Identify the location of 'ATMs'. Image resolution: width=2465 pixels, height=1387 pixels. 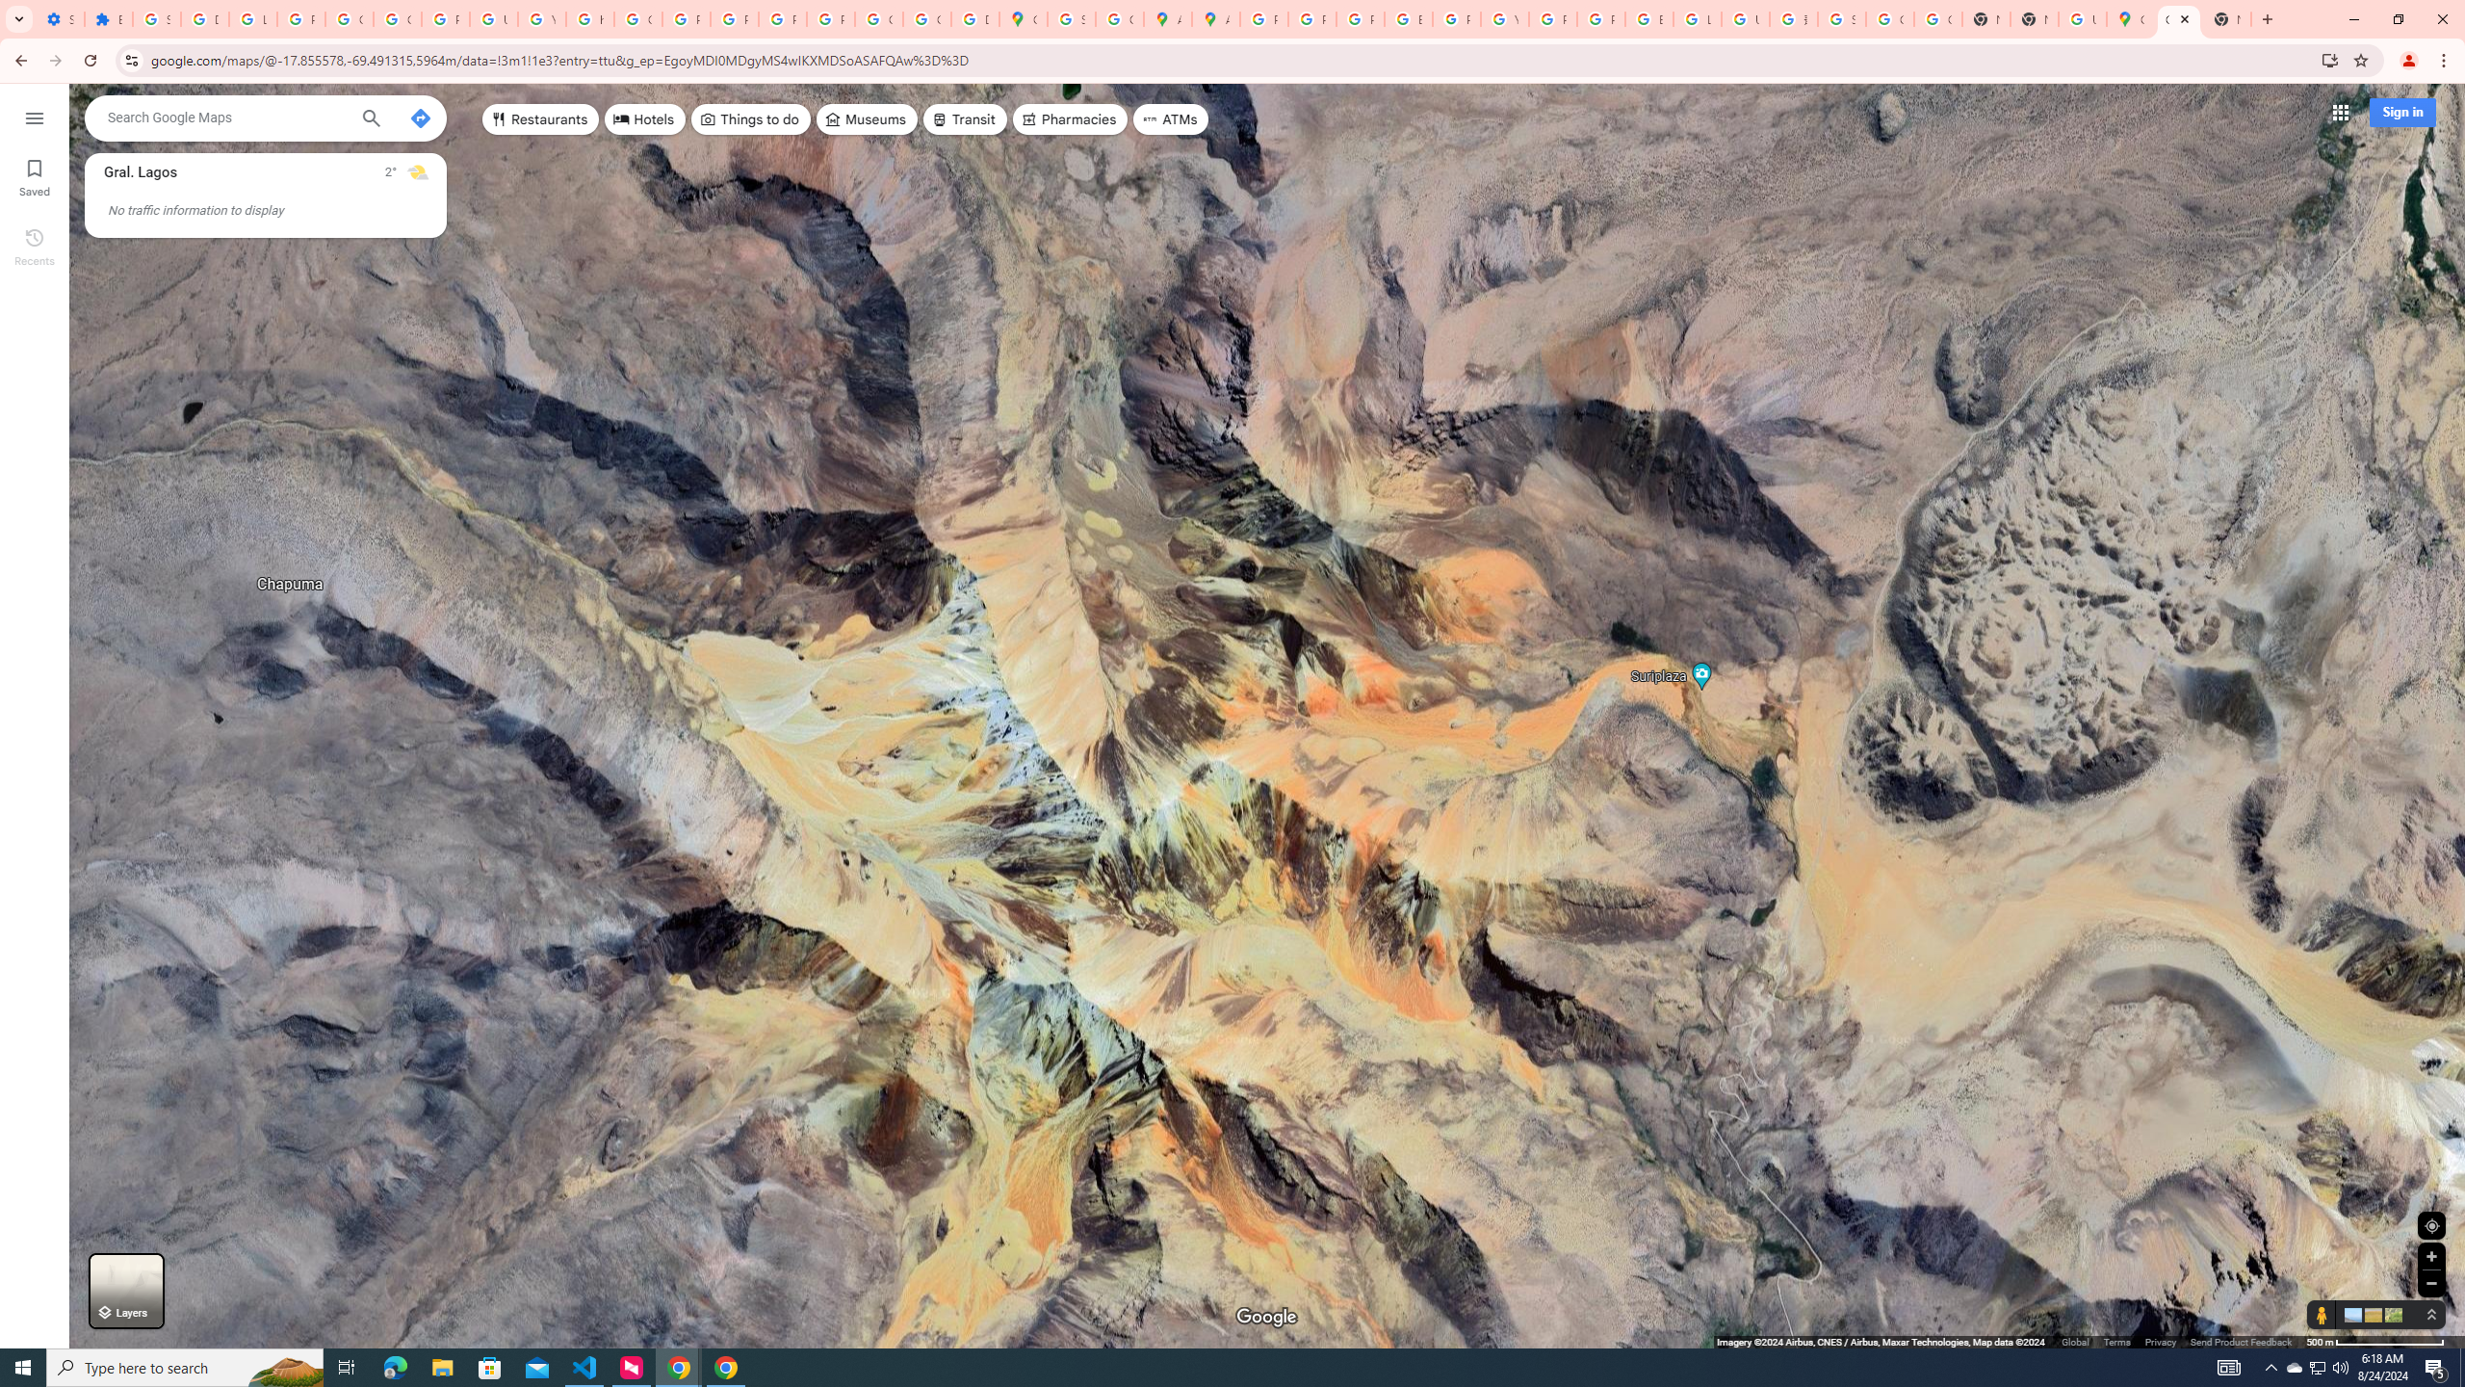
(1171, 118).